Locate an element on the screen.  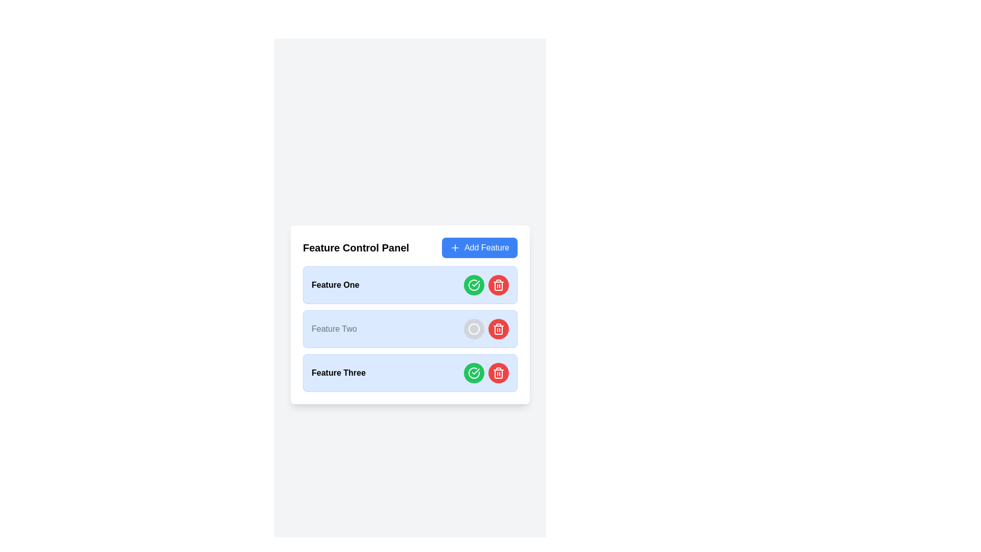
the green confirmation button with the check icon located in the rightmost segment of the 'Feature One' row to confirm or activate the feature is located at coordinates (485, 285).